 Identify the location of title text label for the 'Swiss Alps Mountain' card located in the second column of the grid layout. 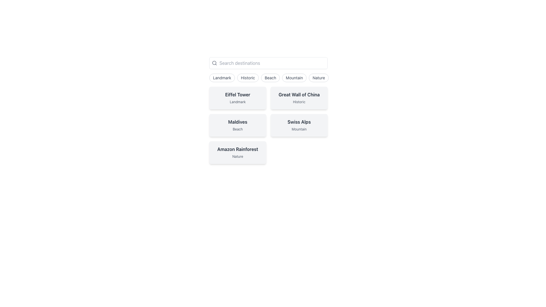
(299, 121).